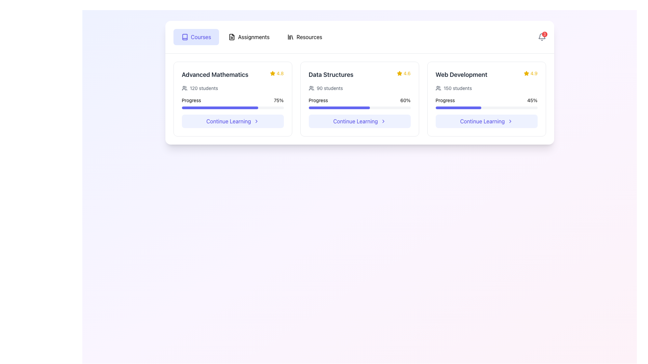  Describe the element at coordinates (526, 73) in the screenshot. I see `the yellow star-shaped icon next to the numeric rating of '4.9' in the top right corner of the 'Web Development' card` at that location.